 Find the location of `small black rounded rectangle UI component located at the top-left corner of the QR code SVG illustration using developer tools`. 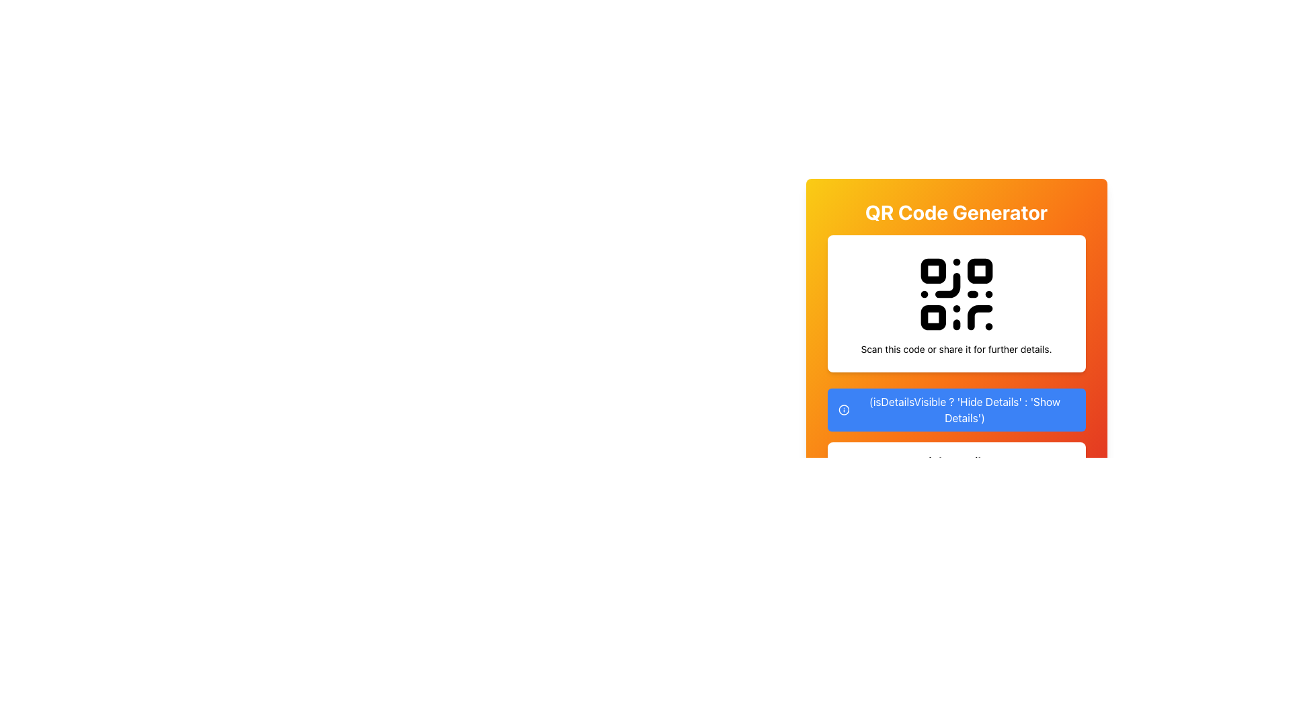

small black rounded rectangle UI component located at the top-left corner of the QR code SVG illustration using developer tools is located at coordinates (932, 271).